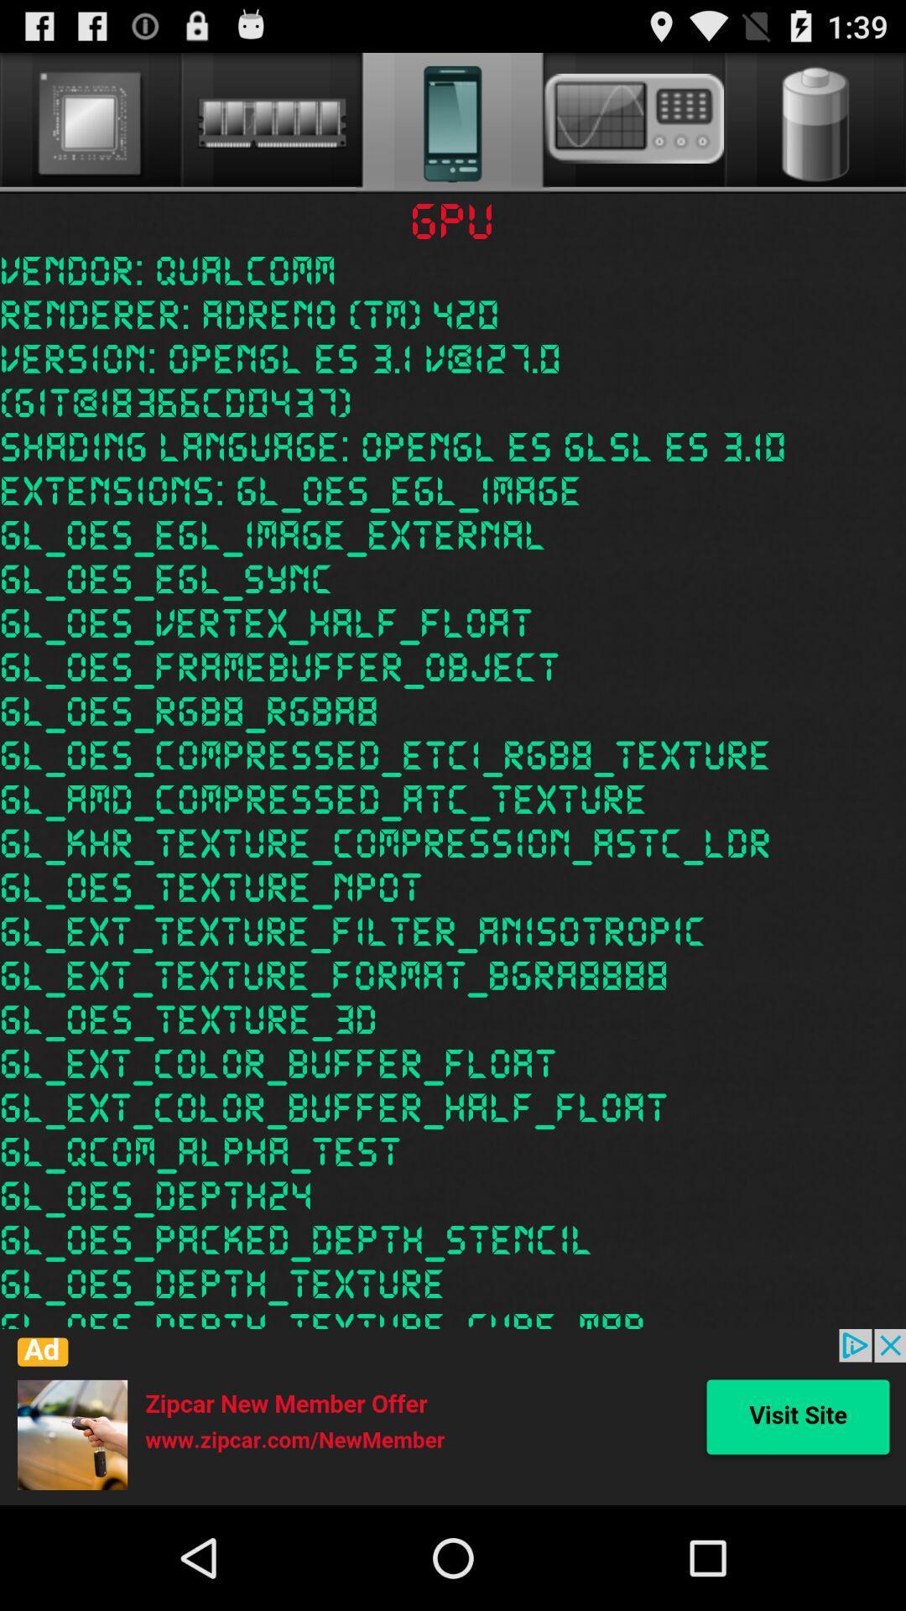 This screenshot has height=1611, width=906. I want to click on advertisement, so click(453, 1416).